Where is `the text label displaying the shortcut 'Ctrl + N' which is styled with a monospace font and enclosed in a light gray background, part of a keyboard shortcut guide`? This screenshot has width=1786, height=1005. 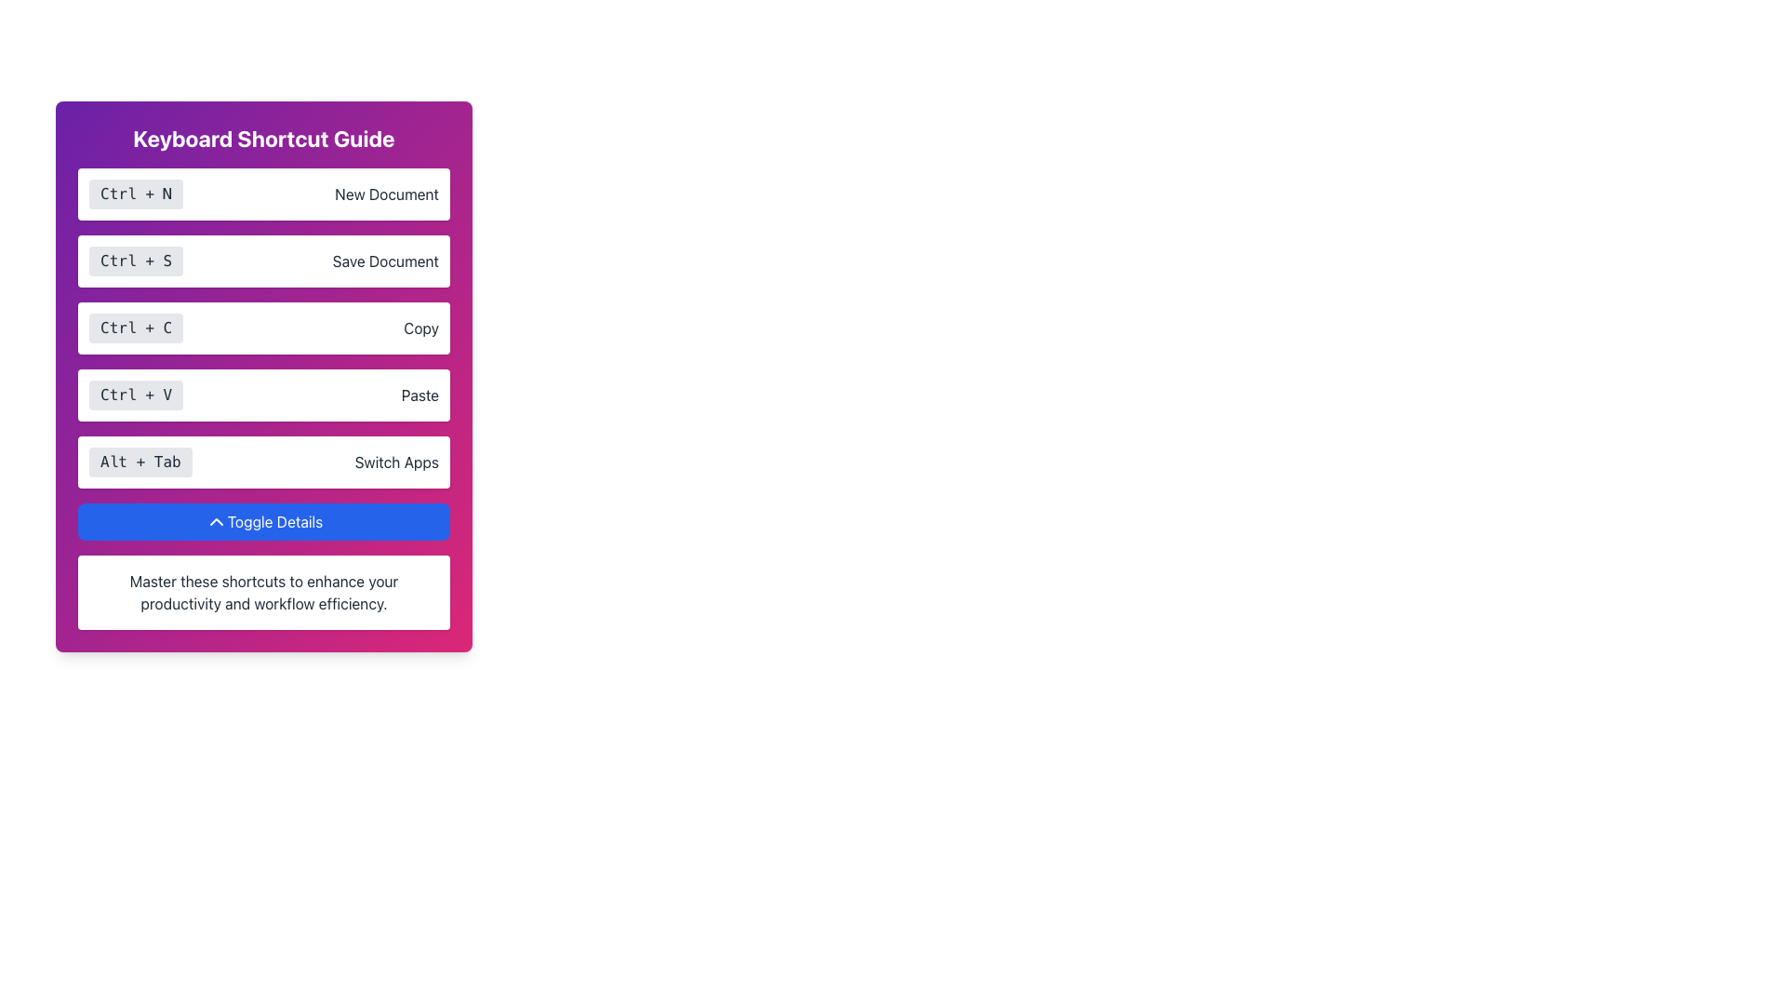
the text label displaying the shortcut 'Ctrl + N' which is styled with a monospace font and enclosed in a light gray background, part of a keyboard shortcut guide is located at coordinates (135, 194).